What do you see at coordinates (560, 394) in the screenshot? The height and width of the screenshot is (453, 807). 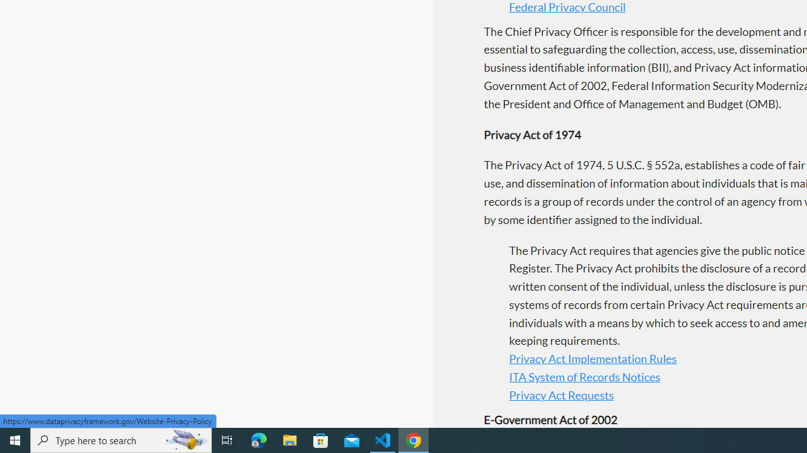 I see `'Privacy Act Requests'` at bounding box center [560, 394].